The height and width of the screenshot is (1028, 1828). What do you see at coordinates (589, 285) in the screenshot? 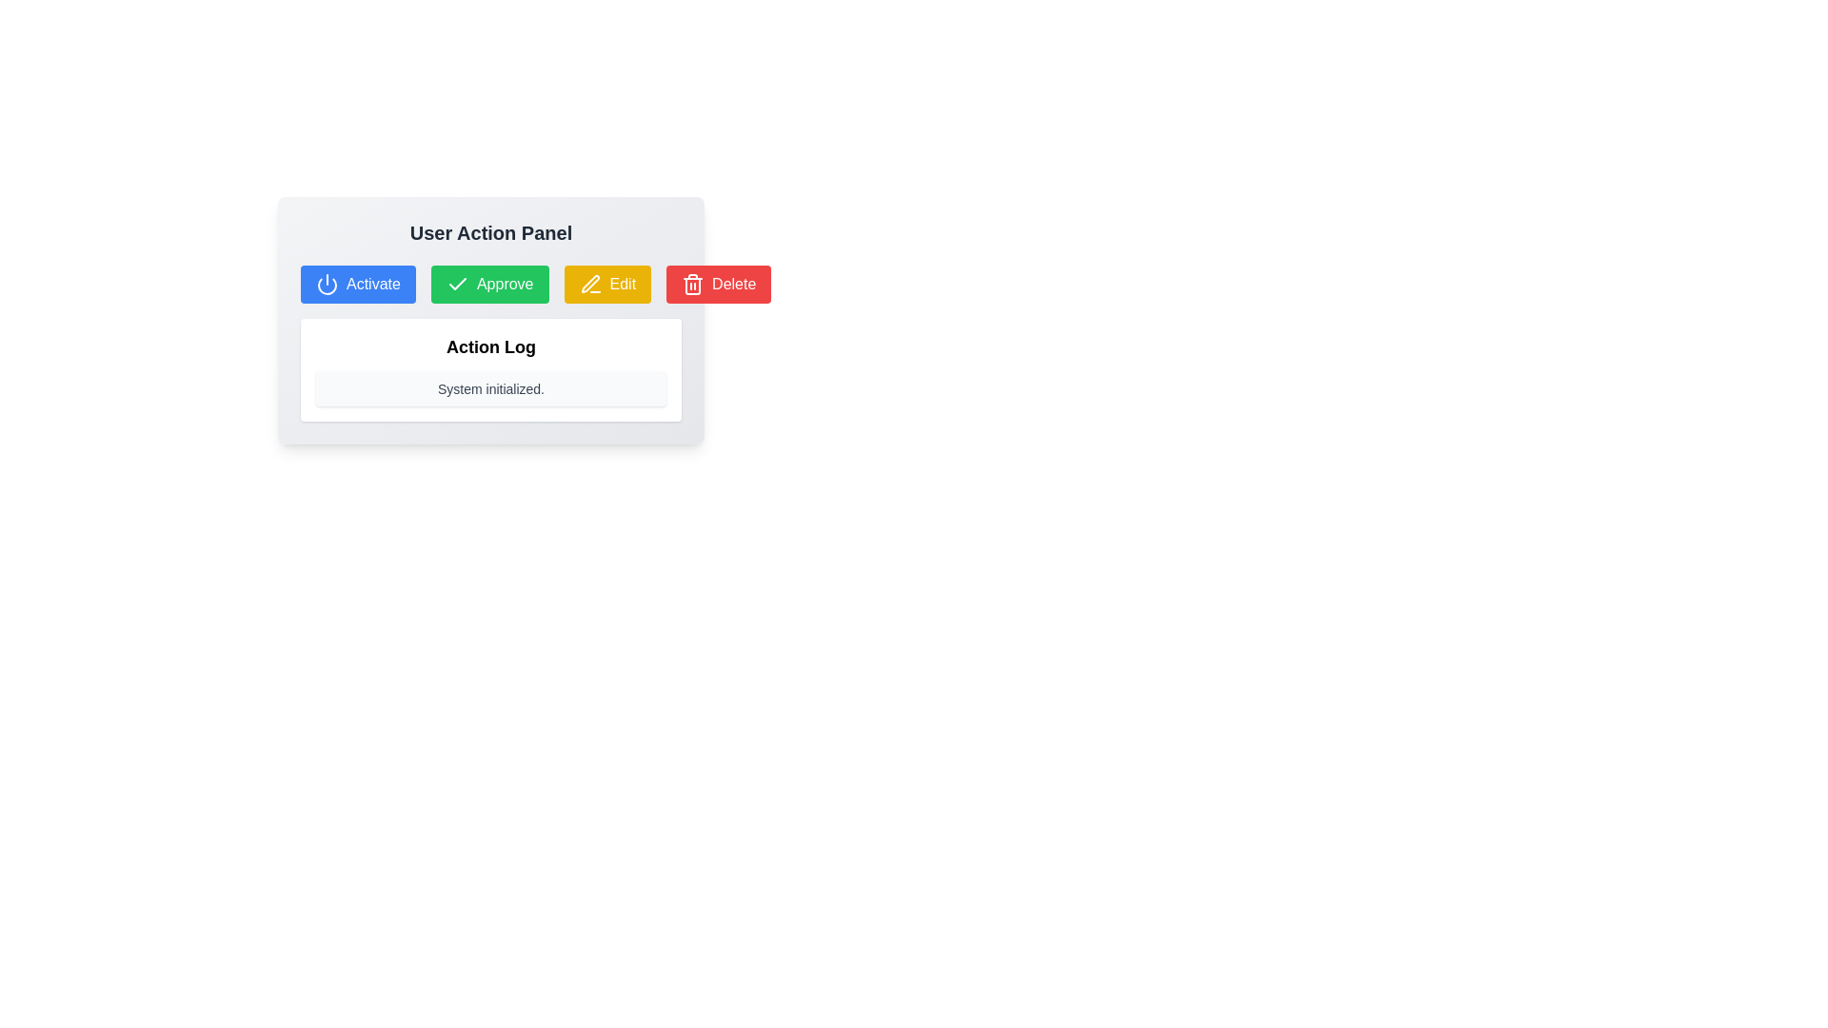
I see `the pen icon located inside the yellow 'Edit' button, which is the third button from the left in the User Action Panel` at bounding box center [589, 285].